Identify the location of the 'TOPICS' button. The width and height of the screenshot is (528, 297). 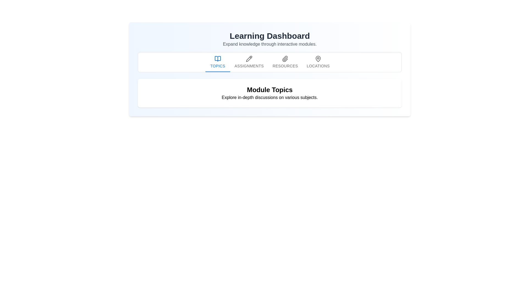
(218, 62).